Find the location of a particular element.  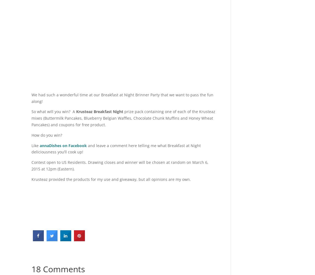

'Krusteaz Breakfast Night' is located at coordinates (99, 111).